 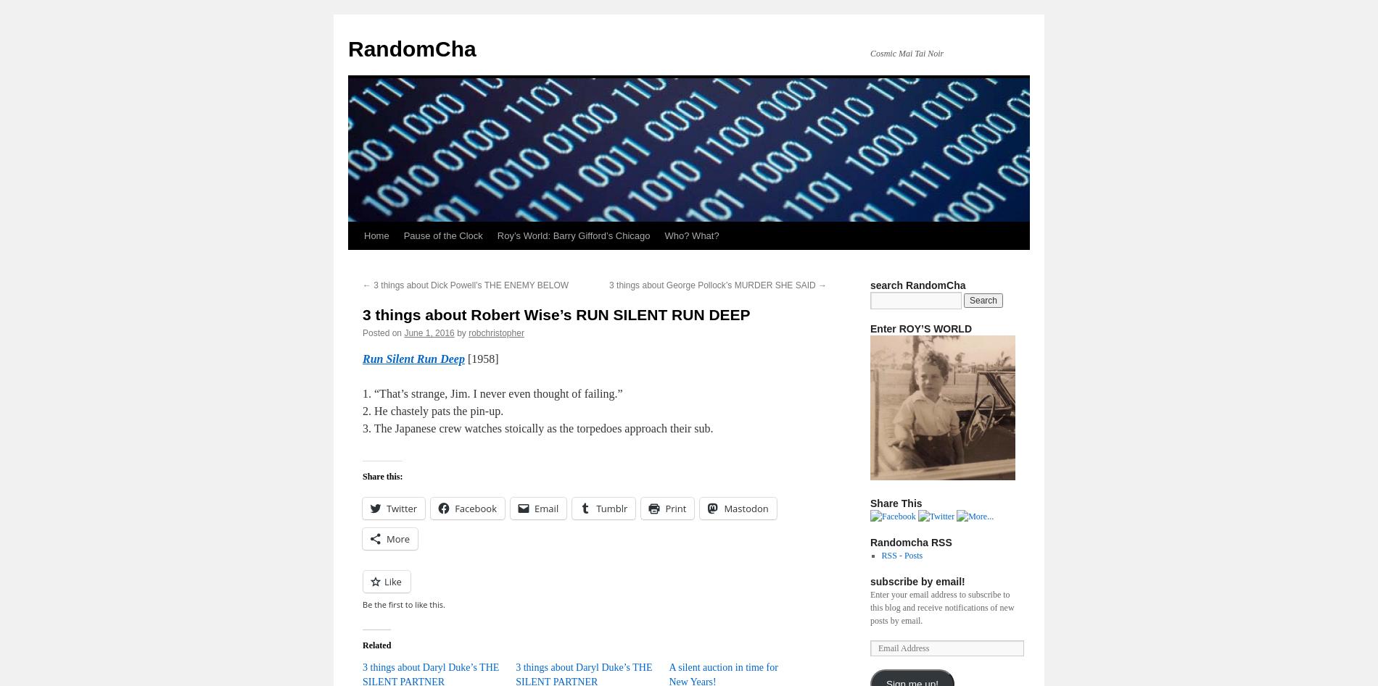 I want to click on '3 things about George Pollock’s MURDER SHE SAID', so click(x=714, y=285).